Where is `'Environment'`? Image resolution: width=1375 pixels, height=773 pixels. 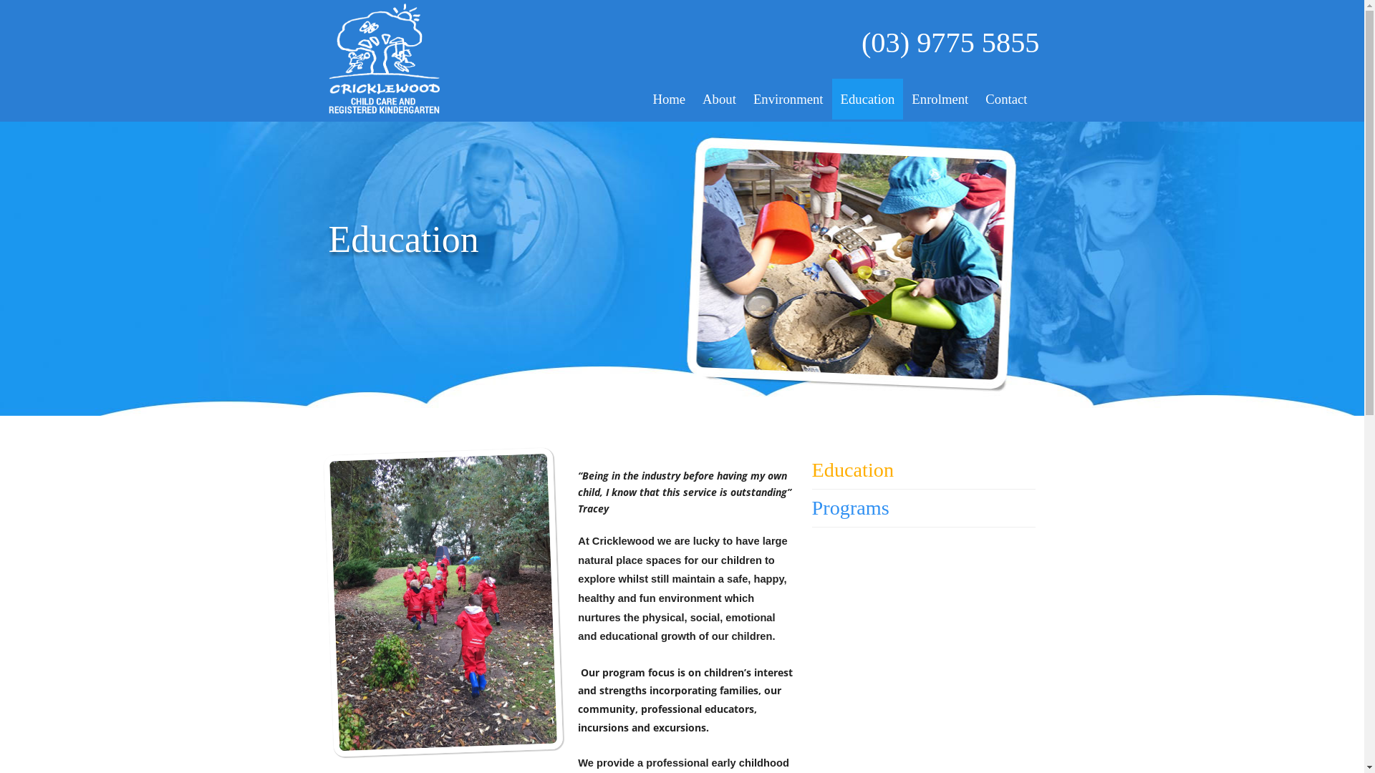
'Environment' is located at coordinates (787, 98).